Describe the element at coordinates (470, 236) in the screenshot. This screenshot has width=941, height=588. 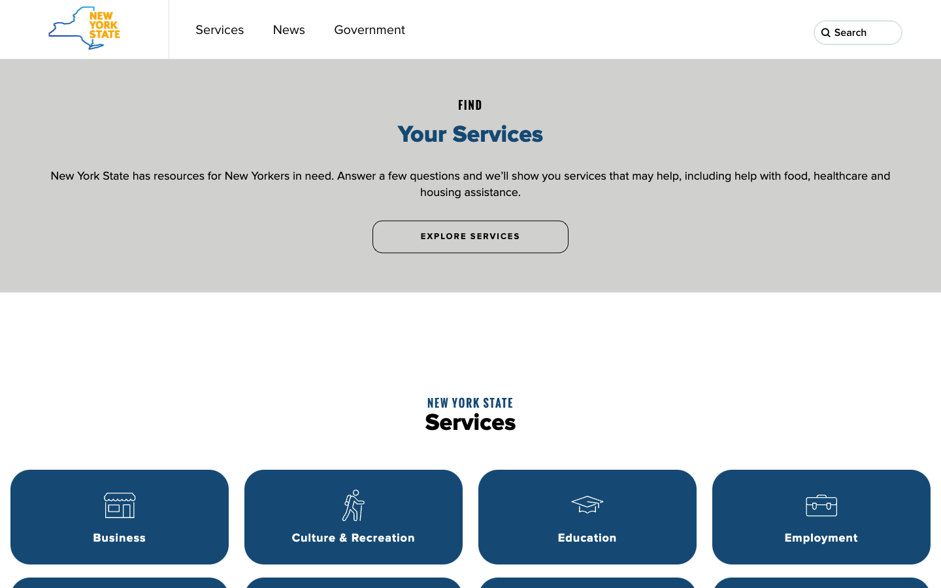
I see `the services section by clicking the "Explore Services" button` at that location.